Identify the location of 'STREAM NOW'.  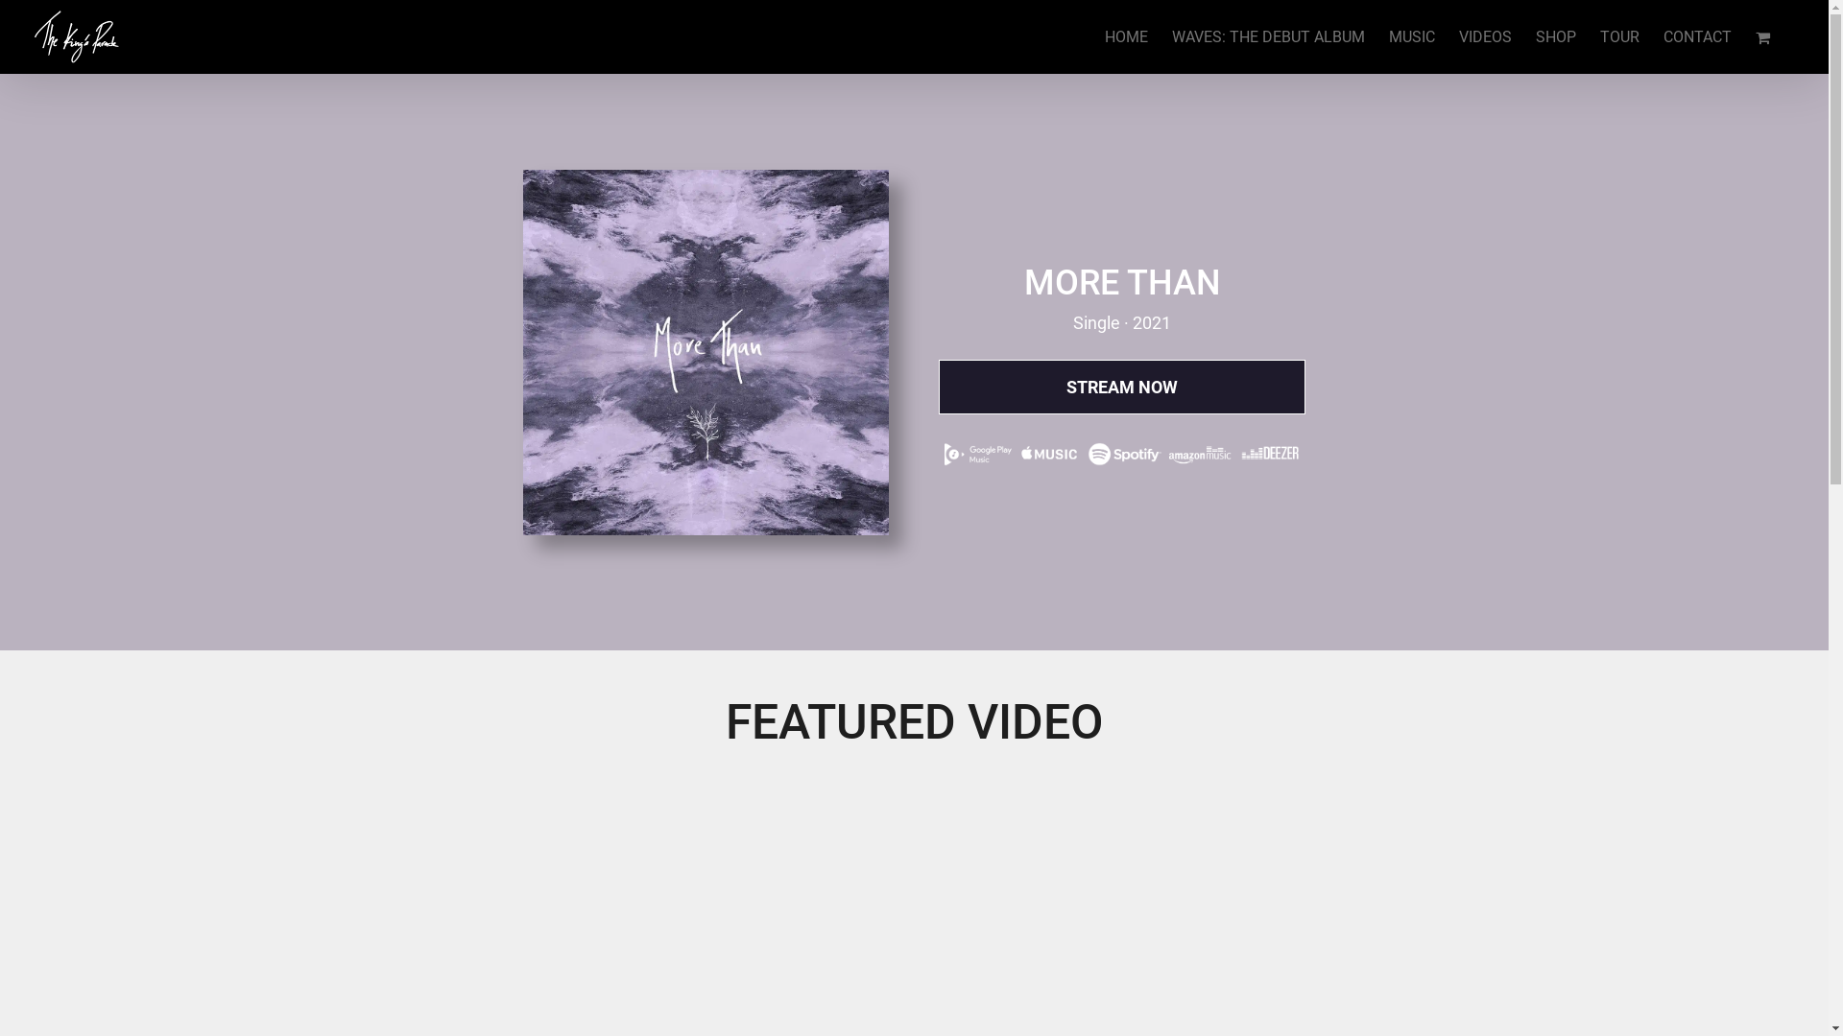
(1121, 387).